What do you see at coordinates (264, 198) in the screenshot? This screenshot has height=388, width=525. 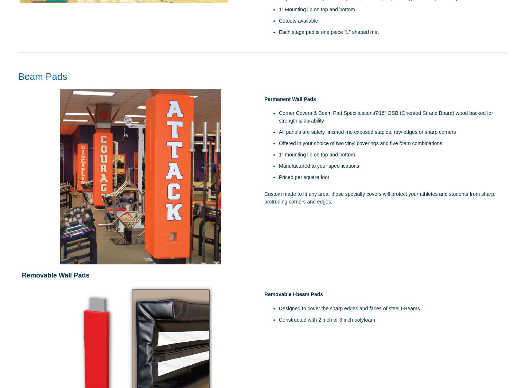 I see `'Custom made to fit any area, these specialty covers will protect your athletes and students from sharp, protruding corners and edges.'` at bounding box center [264, 198].